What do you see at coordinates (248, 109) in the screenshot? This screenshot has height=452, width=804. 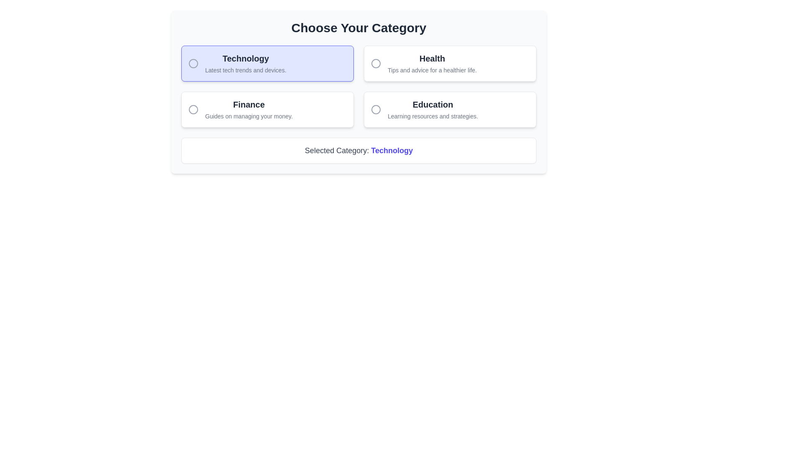 I see `information presented in the 'Finance' category text element, which is the second option in a four-option grid titled 'Choose Your Category'` at bounding box center [248, 109].